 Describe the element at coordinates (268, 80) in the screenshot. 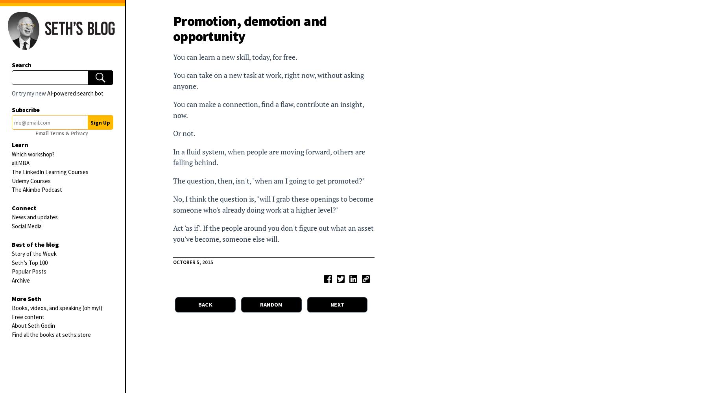

I see `'You can take on a new task at work, right now, without asking anyone.'` at that location.